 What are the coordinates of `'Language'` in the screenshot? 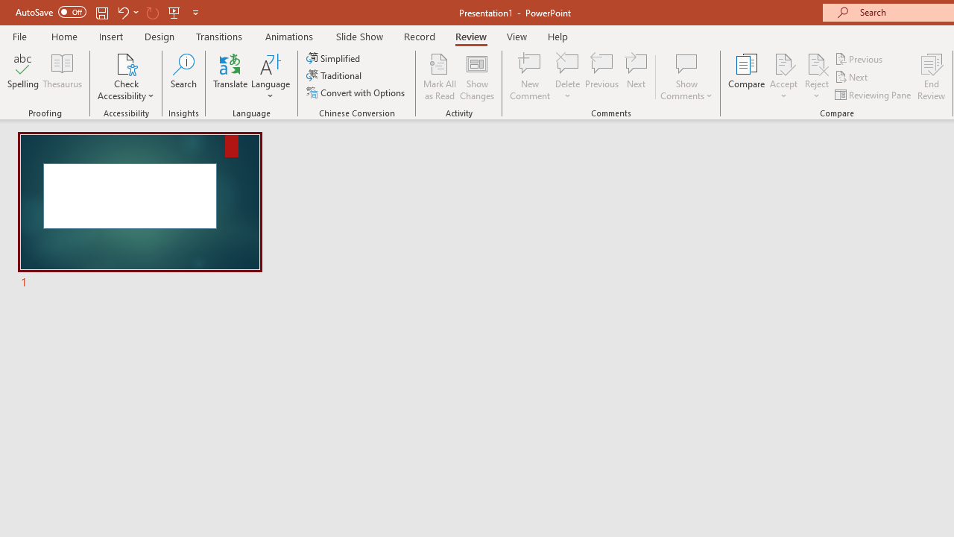 It's located at (271, 77).